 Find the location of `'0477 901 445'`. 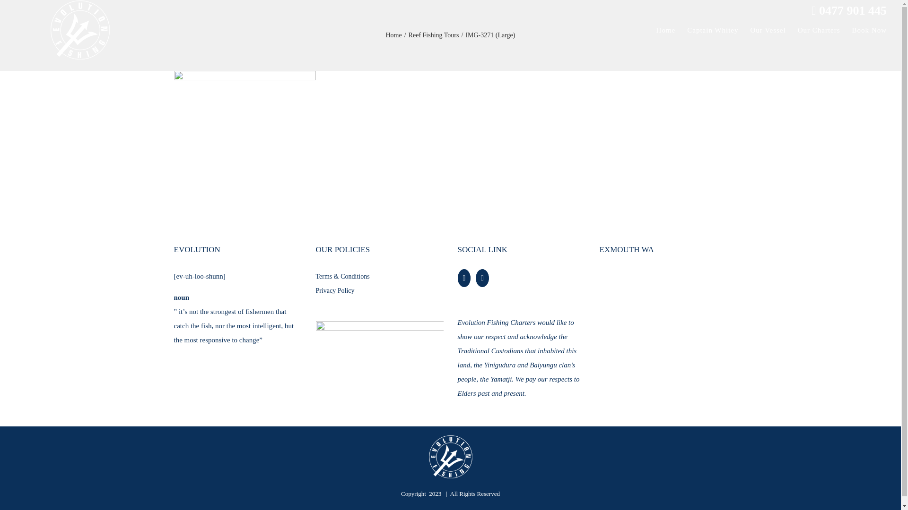

'0477 901 445' is located at coordinates (849, 10).